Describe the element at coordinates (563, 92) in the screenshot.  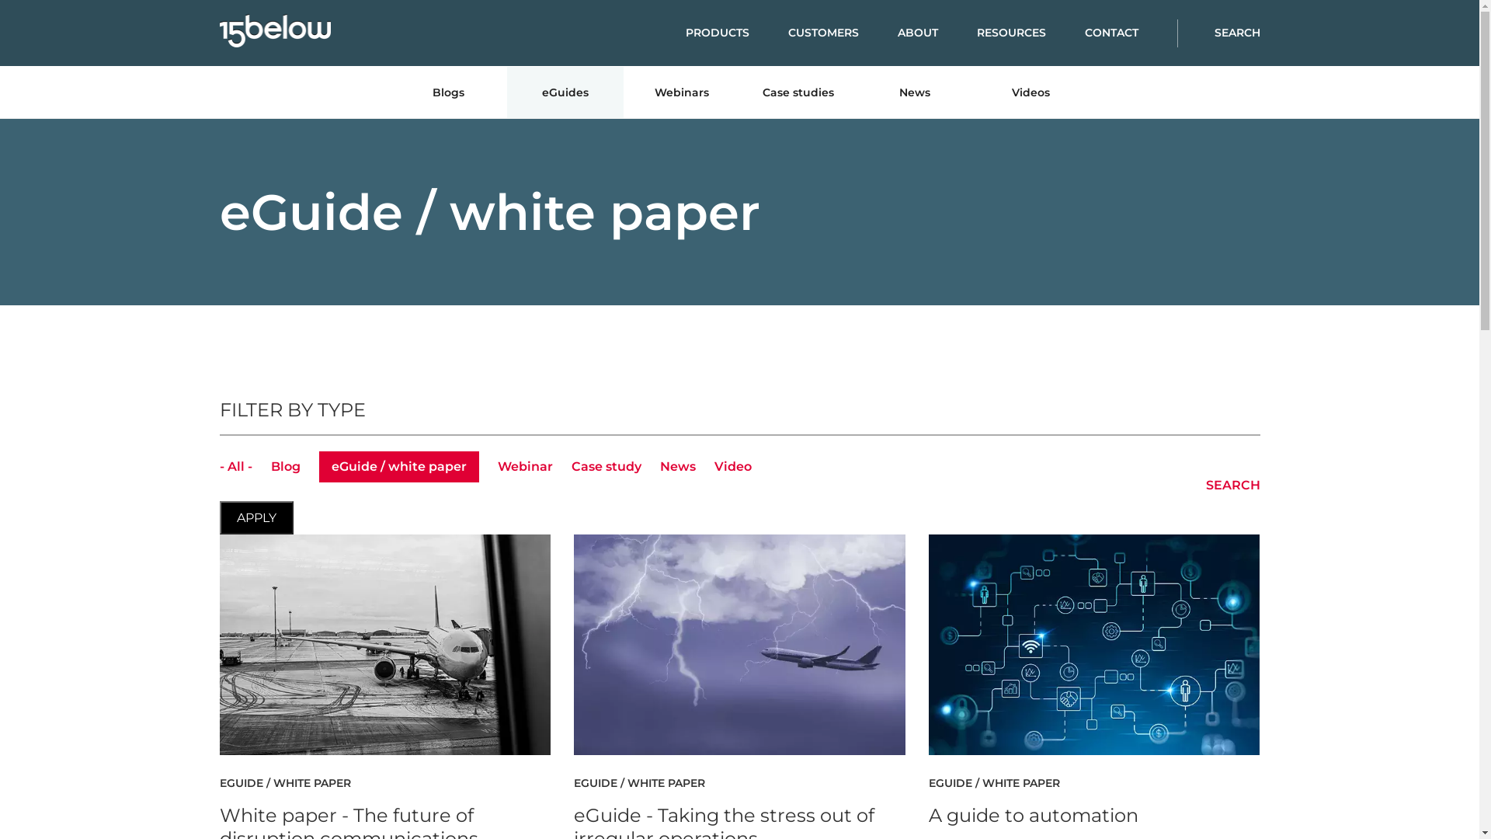
I see `'eGuides'` at that location.